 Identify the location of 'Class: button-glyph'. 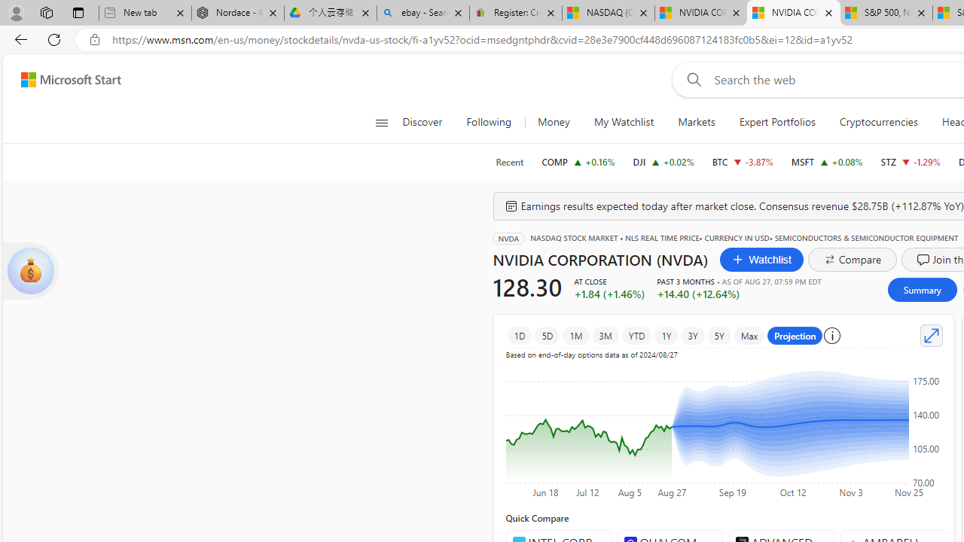
(381, 122).